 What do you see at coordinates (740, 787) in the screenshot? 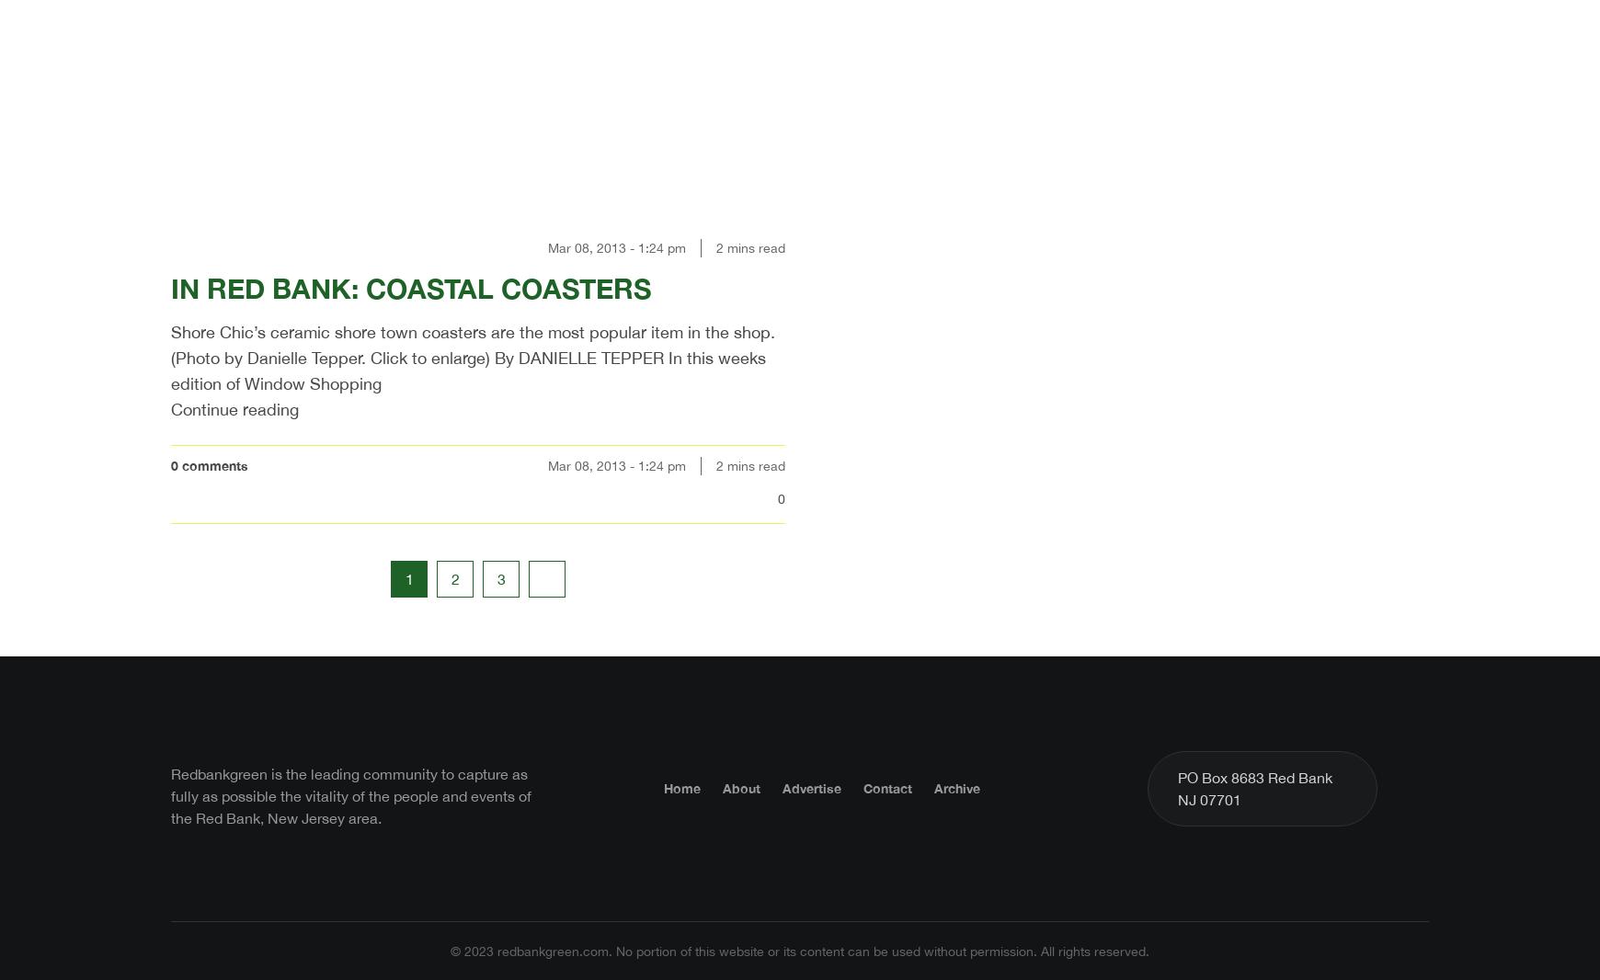
I see `'About'` at bounding box center [740, 787].